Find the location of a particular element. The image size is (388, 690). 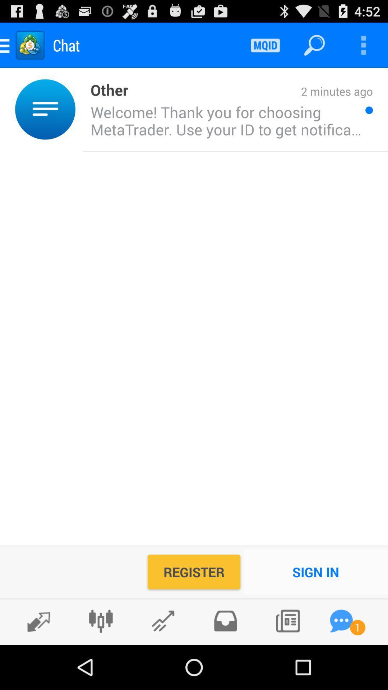

the 2 minutes ago item is located at coordinates (250, 92).